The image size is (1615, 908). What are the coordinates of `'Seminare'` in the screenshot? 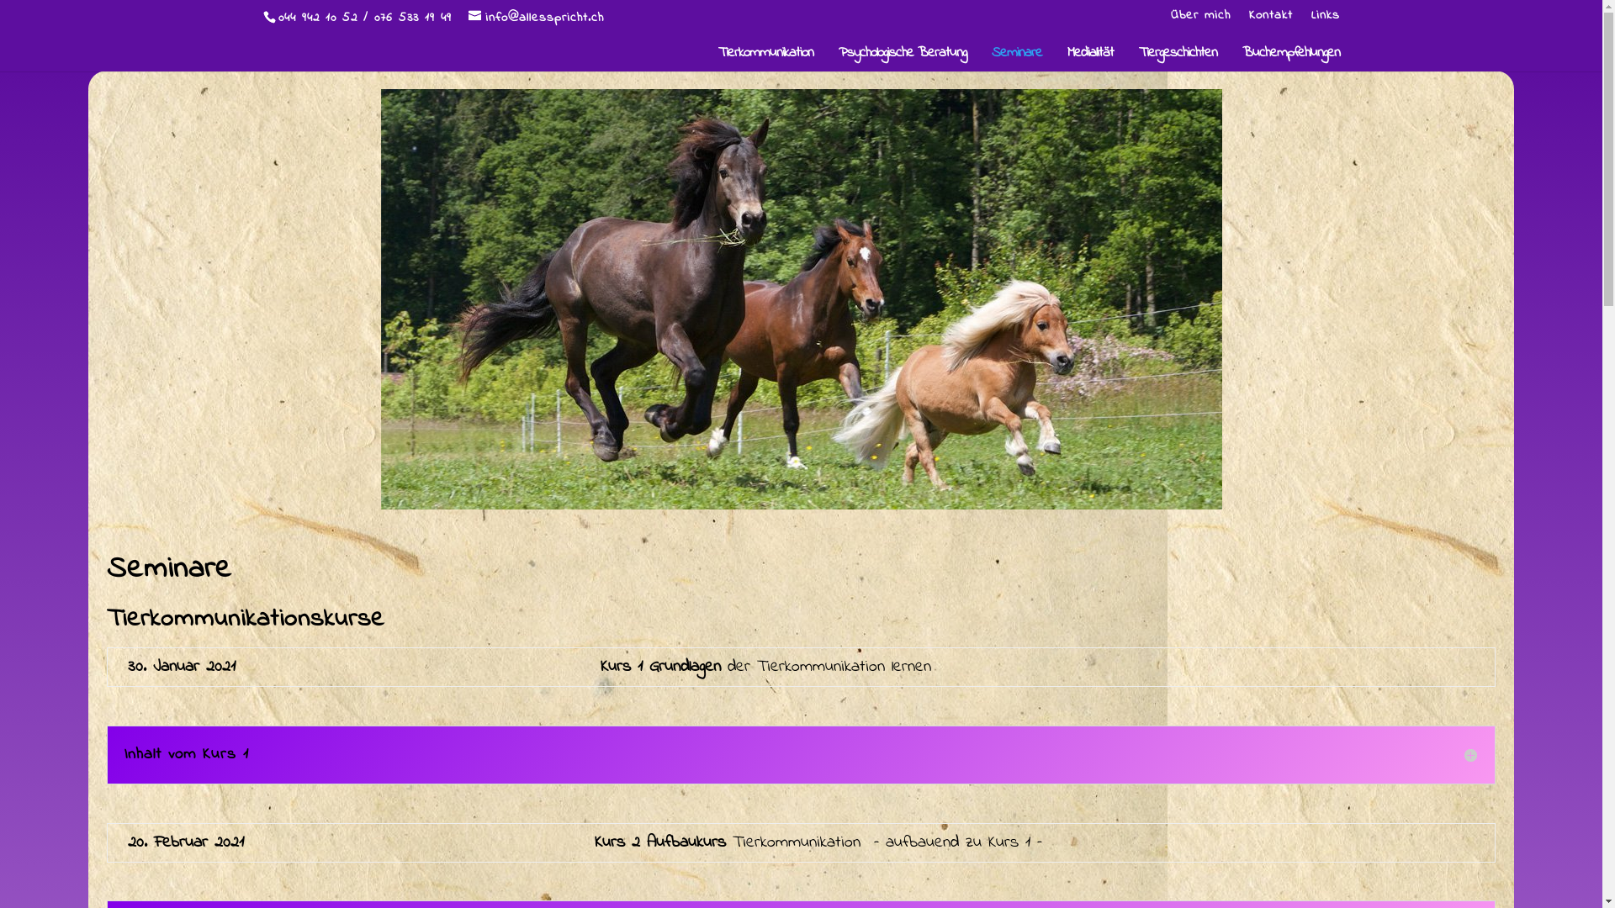 It's located at (1015, 58).